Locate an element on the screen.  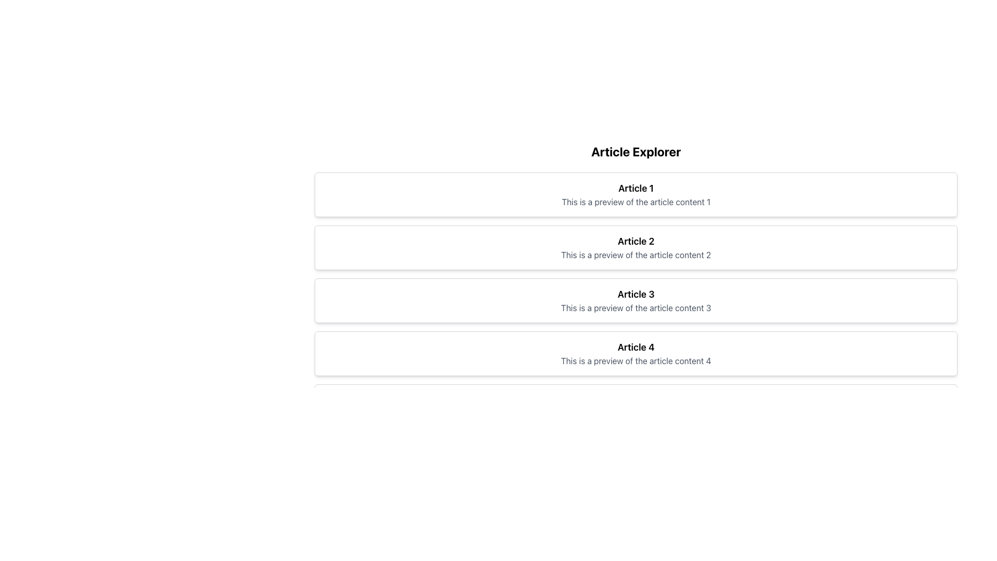
the first article preview card located at the top of the column in the grid layout is located at coordinates (635, 194).